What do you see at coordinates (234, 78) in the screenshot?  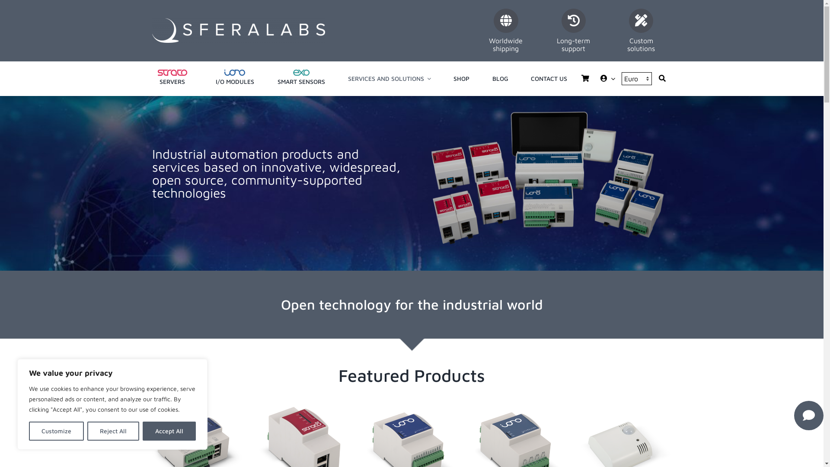 I see `'I/O MODULES'` at bounding box center [234, 78].